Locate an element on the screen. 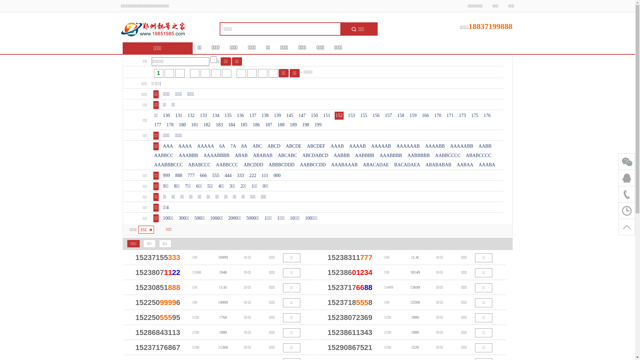  '138' is located at coordinates (265, 115).